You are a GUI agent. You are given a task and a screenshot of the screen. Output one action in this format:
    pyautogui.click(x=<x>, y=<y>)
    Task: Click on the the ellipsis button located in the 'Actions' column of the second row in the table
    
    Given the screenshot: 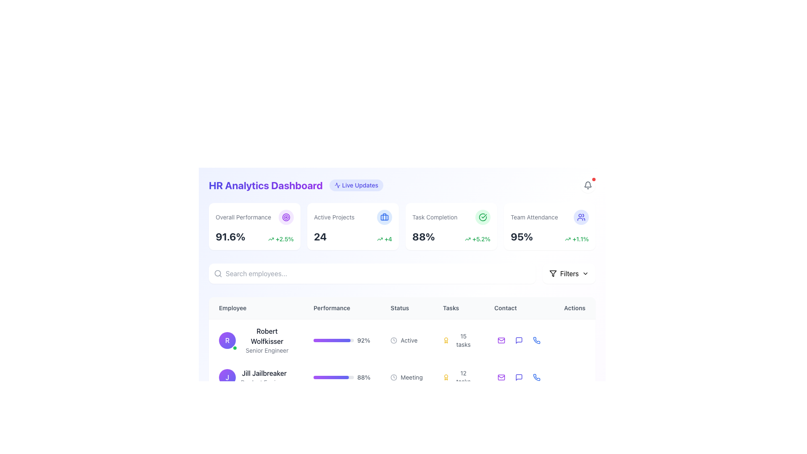 What is the action you would take?
    pyautogui.click(x=574, y=340)
    